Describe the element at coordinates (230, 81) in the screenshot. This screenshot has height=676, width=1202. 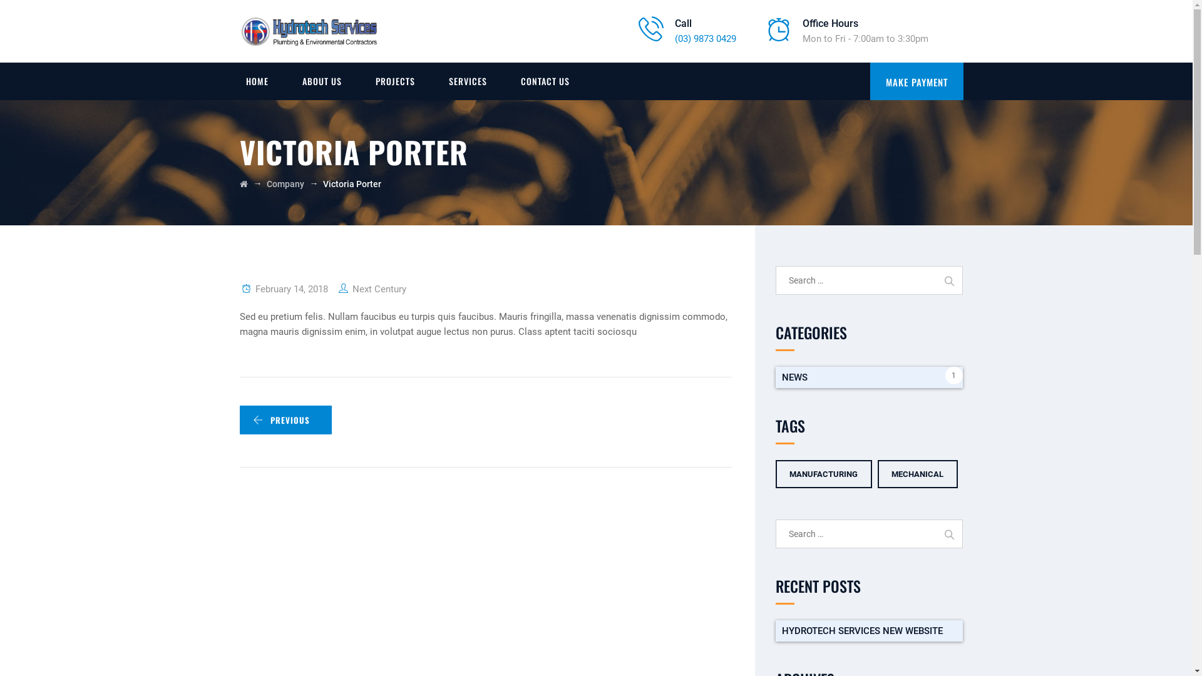
I see `'HOME'` at that location.